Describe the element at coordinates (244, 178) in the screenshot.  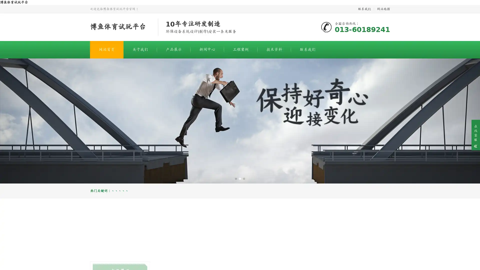
I see `Go to slide 3` at that location.